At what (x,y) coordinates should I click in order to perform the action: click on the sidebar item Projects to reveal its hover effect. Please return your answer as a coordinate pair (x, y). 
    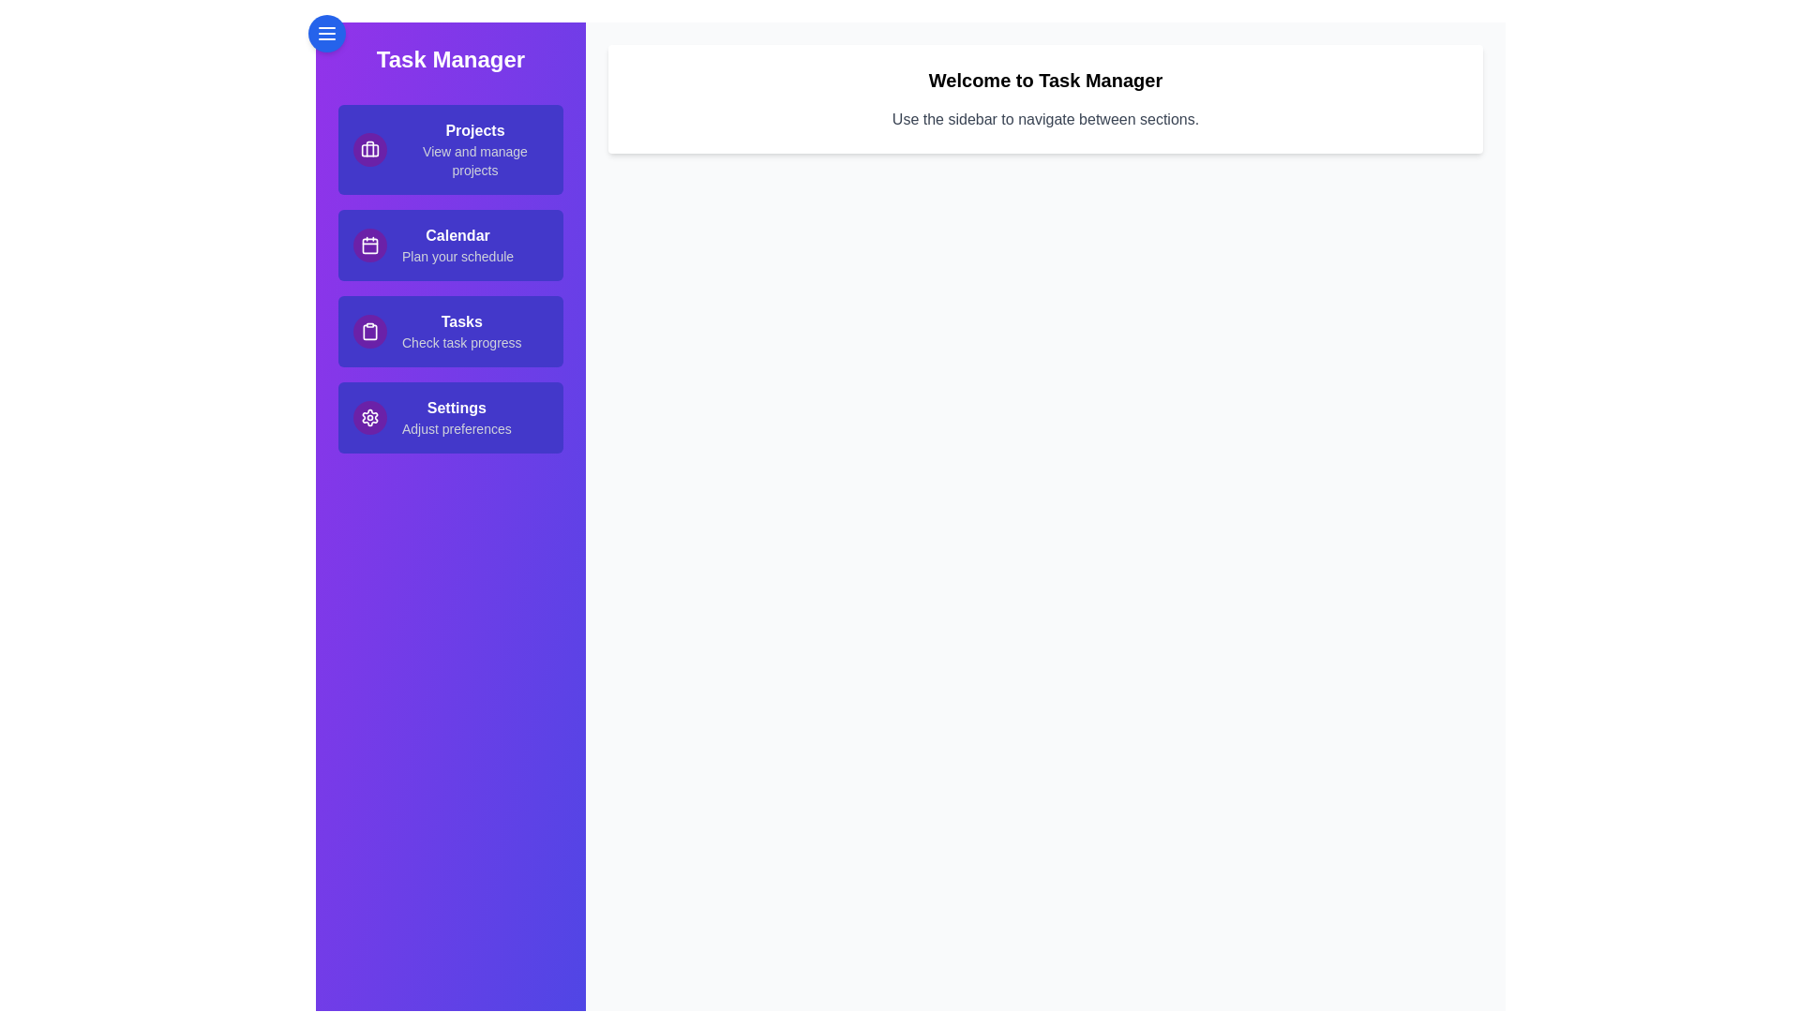
    Looking at the image, I should click on (450, 148).